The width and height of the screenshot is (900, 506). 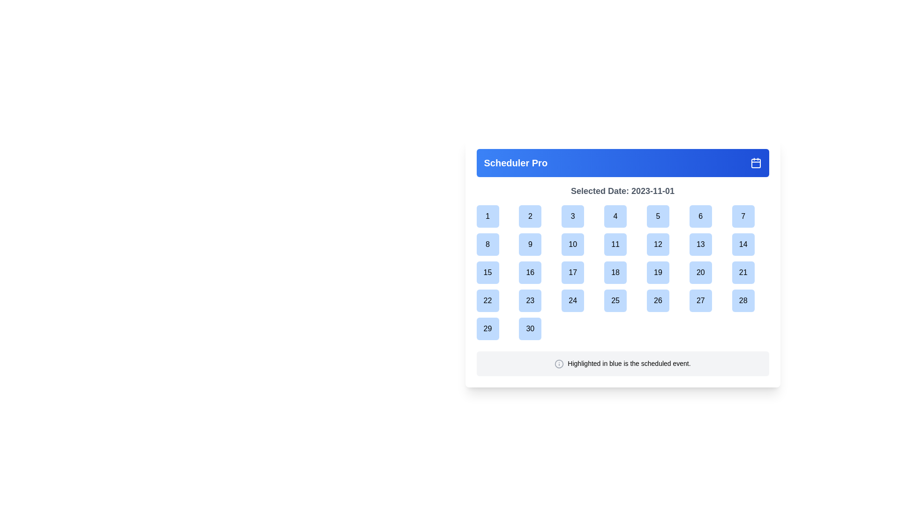 I want to click on the content of the tooltip that appears below the date cell labeled '23' in the calendar interface, which displays the text 'No Event', so click(x=539, y=319).